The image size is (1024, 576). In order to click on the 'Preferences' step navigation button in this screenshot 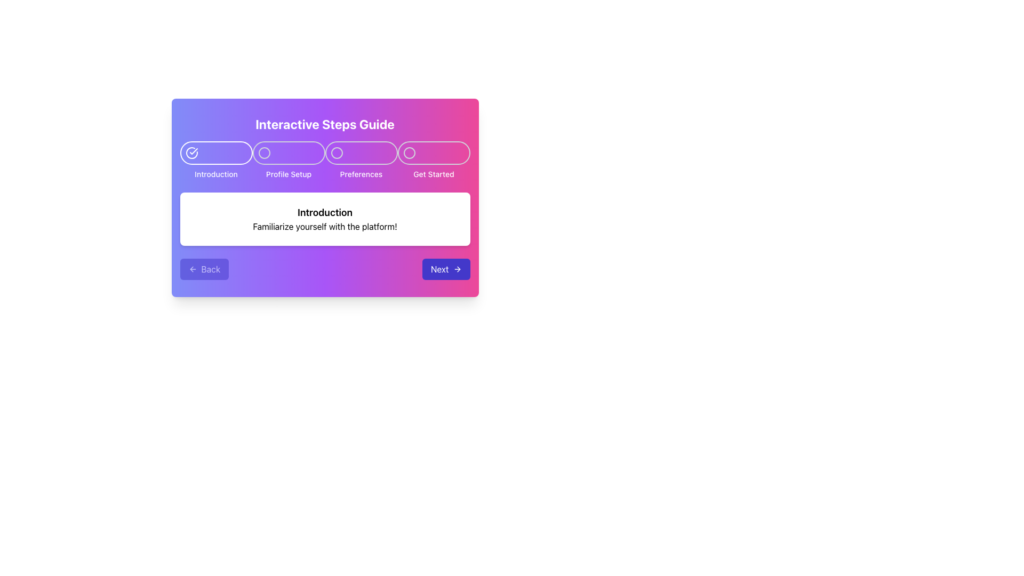, I will do `click(361, 160)`.